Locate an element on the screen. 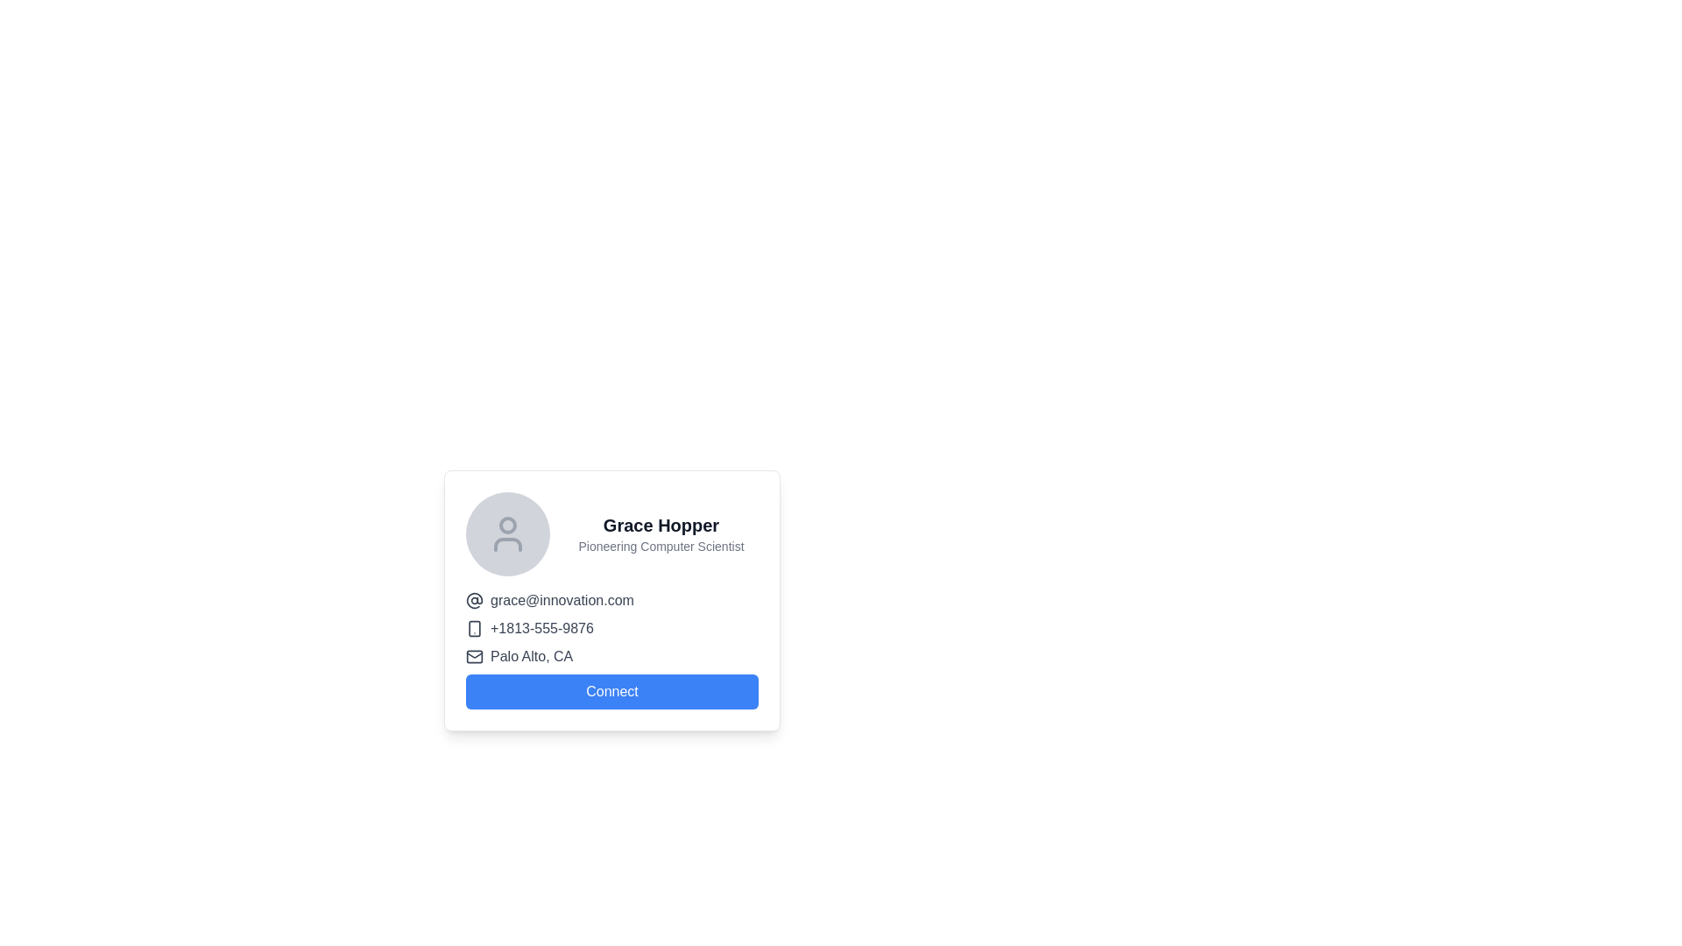 This screenshot has height=946, width=1682. the Decorative component within the smartphone icon, which is a small rectangle with rounded corners, located centrally in the icon next to a phone number is located at coordinates (475, 627).